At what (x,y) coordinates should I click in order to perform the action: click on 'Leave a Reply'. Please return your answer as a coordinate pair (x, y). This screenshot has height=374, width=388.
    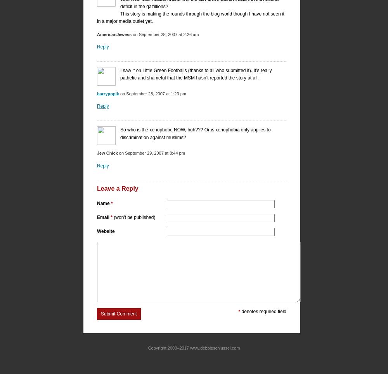
    Looking at the image, I should click on (118, 188).